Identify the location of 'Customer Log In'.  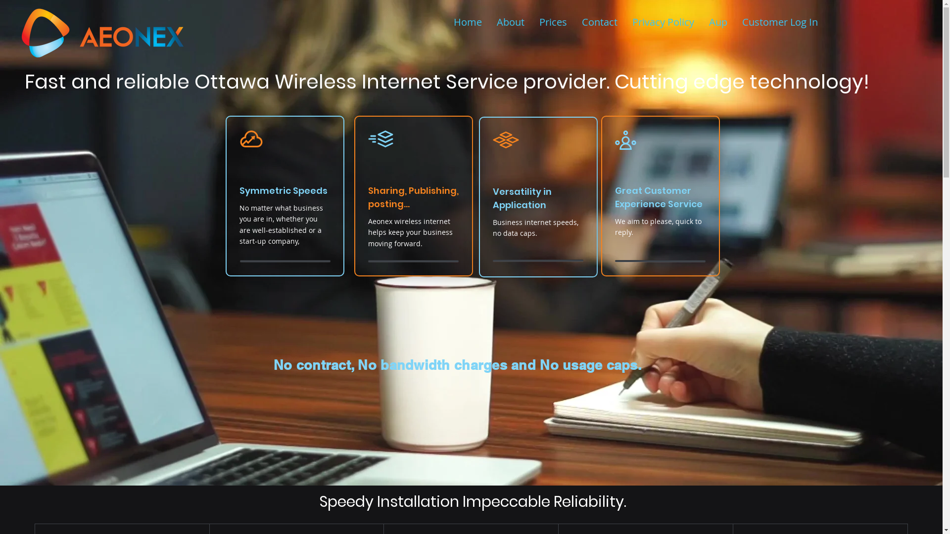
(779, 22).